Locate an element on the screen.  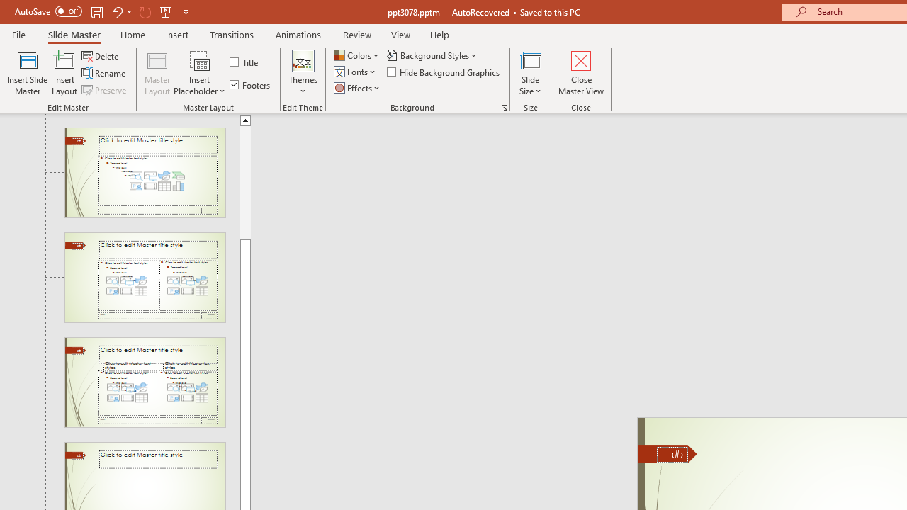
'Close Master View' is located at coordinates (581, 73).